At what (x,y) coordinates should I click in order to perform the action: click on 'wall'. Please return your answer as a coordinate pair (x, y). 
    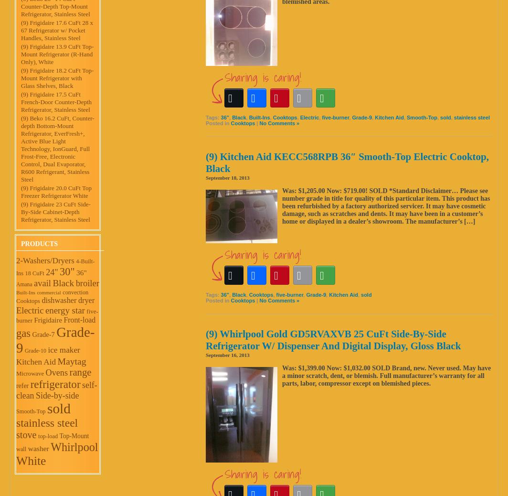
    Looking at the image, I should click on (21, 449).